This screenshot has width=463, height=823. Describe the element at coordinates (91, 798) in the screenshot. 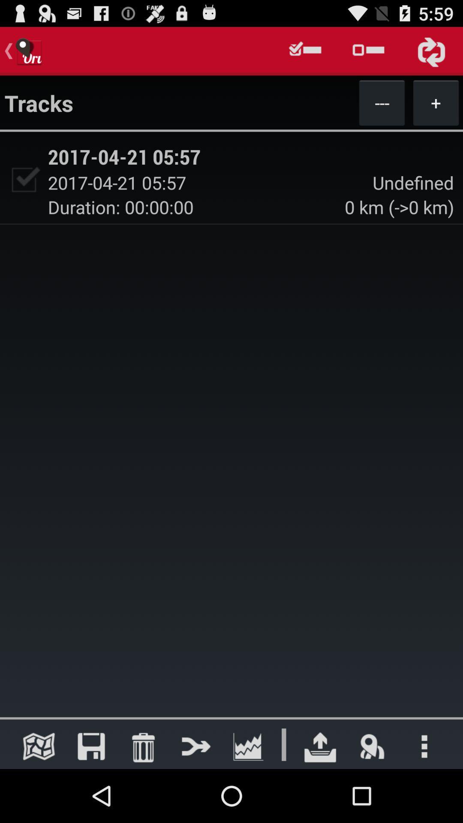

I see `the save icon` at that location.